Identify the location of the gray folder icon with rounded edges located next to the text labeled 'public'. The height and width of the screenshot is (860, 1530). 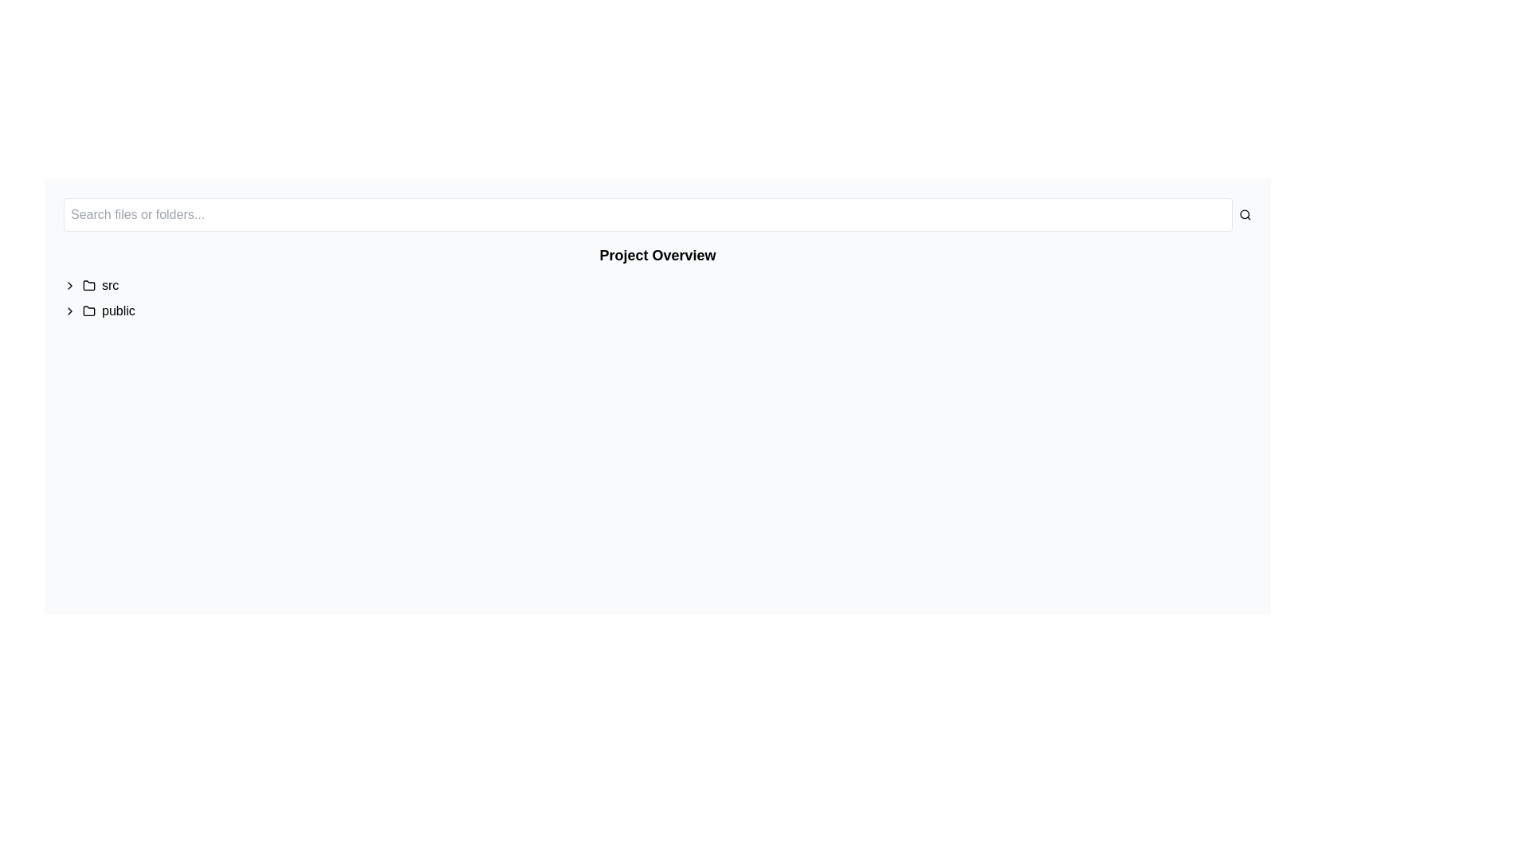
(88, 311).